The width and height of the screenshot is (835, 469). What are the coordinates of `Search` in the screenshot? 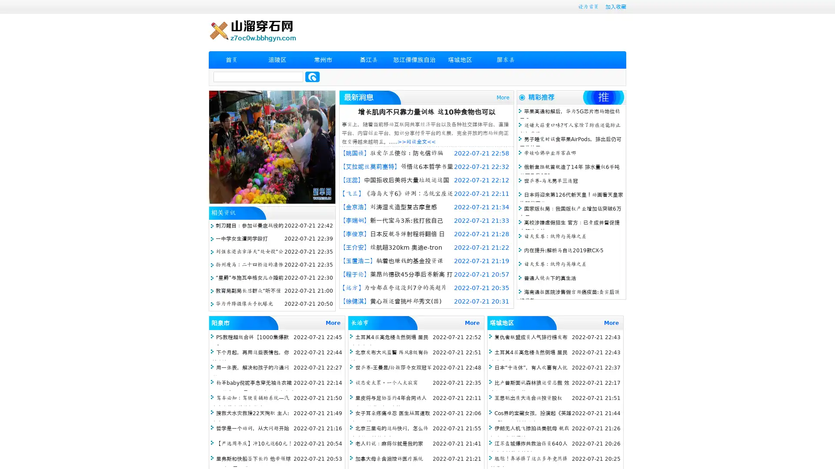 It's located at (312, 76).